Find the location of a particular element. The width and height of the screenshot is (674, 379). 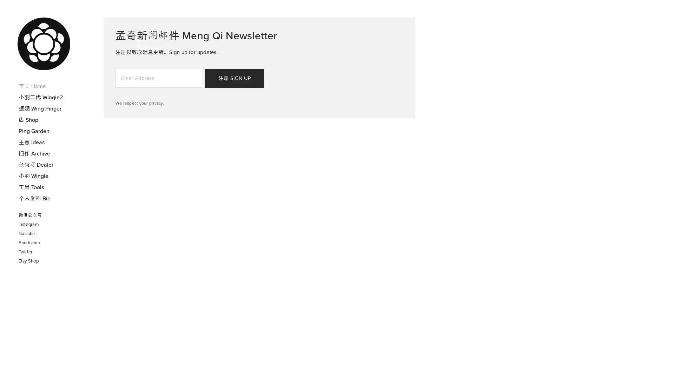

SIGN UP is located at coordinates (234, 78).